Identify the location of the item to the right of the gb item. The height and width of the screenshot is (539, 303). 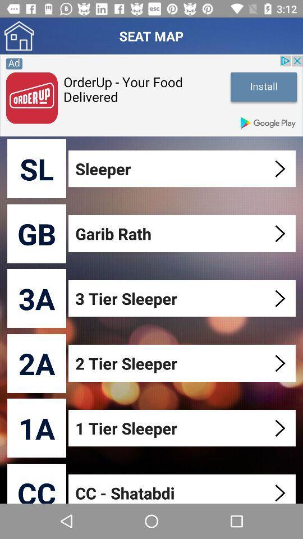
(183, 233).